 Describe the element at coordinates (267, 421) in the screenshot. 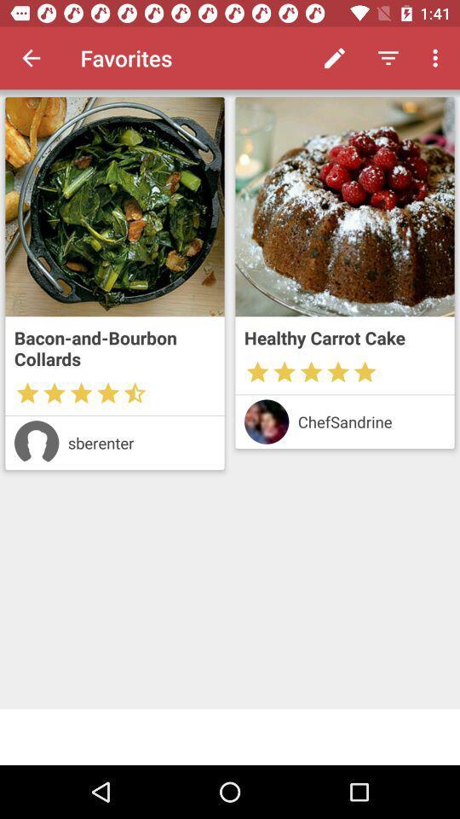

I see `visit profile` at that location.